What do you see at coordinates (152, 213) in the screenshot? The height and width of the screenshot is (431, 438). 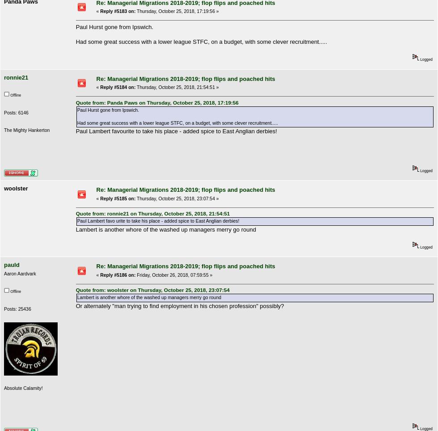 I see `'Quote from: ronnie21 on Thursday, October 25, 2018, 21:54:51'` at bounding box center [152, 213].